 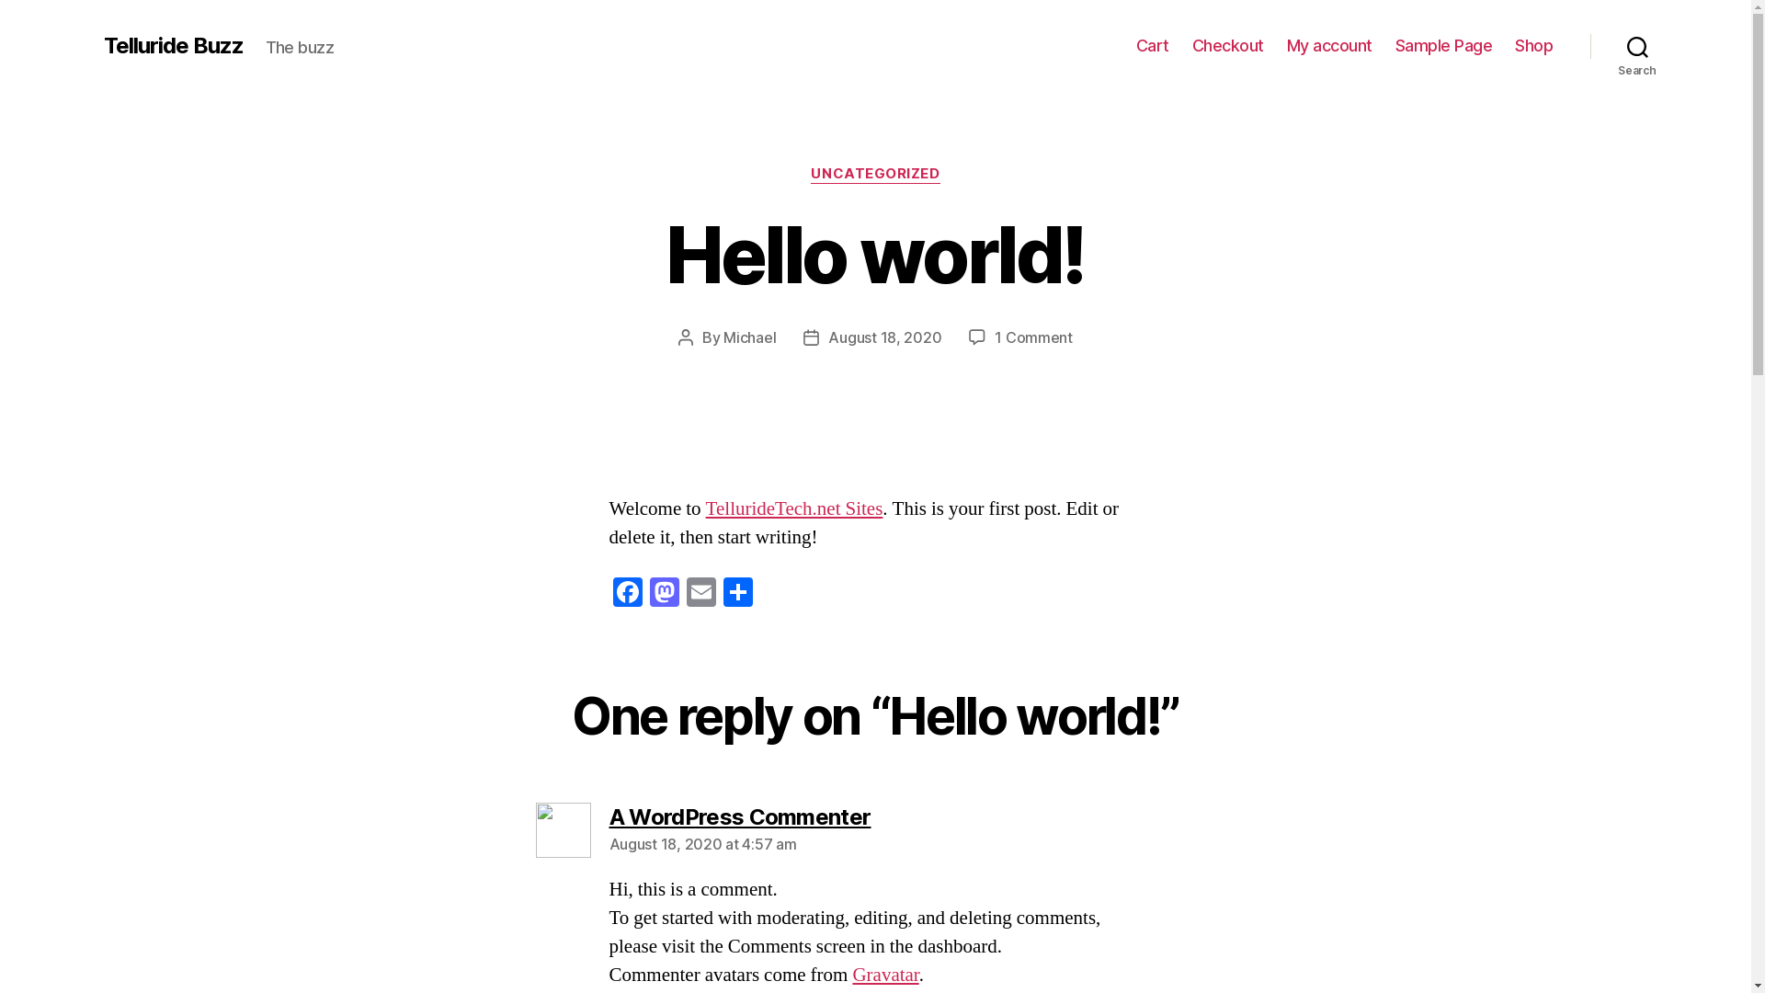 What do you see at coordinates (885, 974) in the screenshot?
I see `'Gravatar'` at bounding box center [885, 974].